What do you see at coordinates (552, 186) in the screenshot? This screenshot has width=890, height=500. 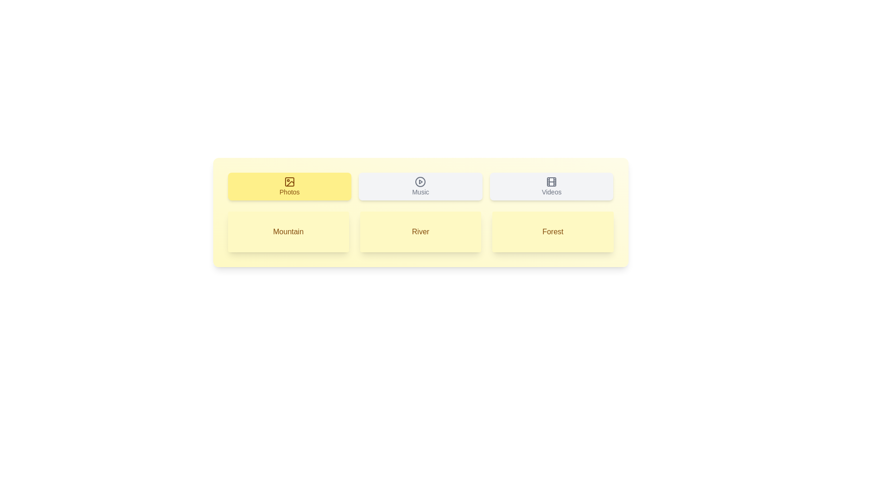 I see `the Videos tab to view its content` at bounding box center [552, 186].